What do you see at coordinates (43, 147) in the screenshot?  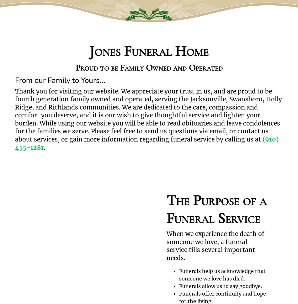 I see `'.'` at bounding box center [43, 147].